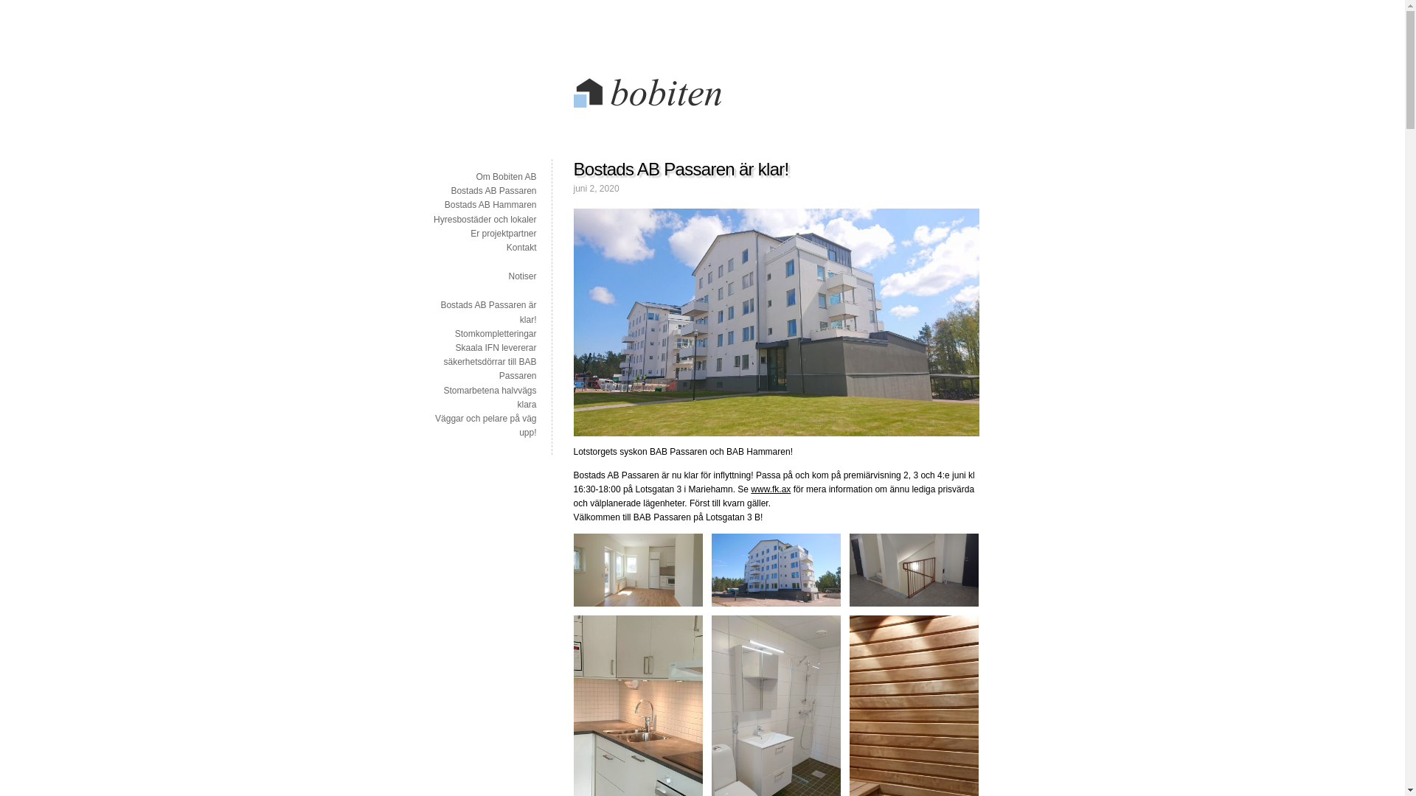 This screenshot has height=796, width=1416. What do you see at coordinates (521, 246) in the screenshot?
I see `'Kontakt'` at bounding box center [521, 246].